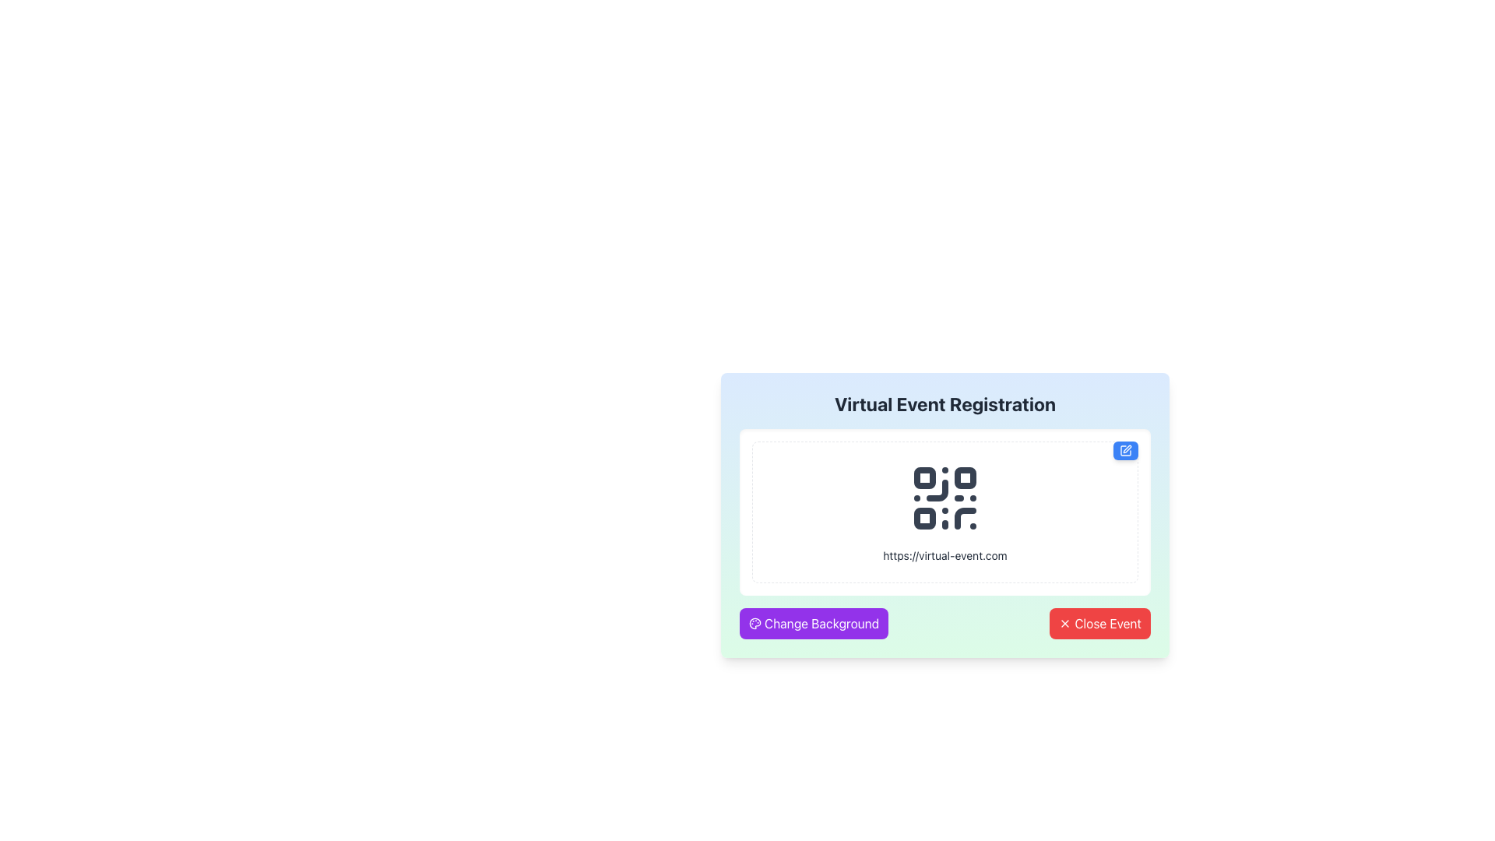 The width and height of the screenshot is (1495, 841). Describe the element at coordinates (755, 623) in the screenshot. I see `the icon located to the left of the 'Change Background' button in the lower-left corner of the main card interface, which indicates design or customization functionalities` at that location.